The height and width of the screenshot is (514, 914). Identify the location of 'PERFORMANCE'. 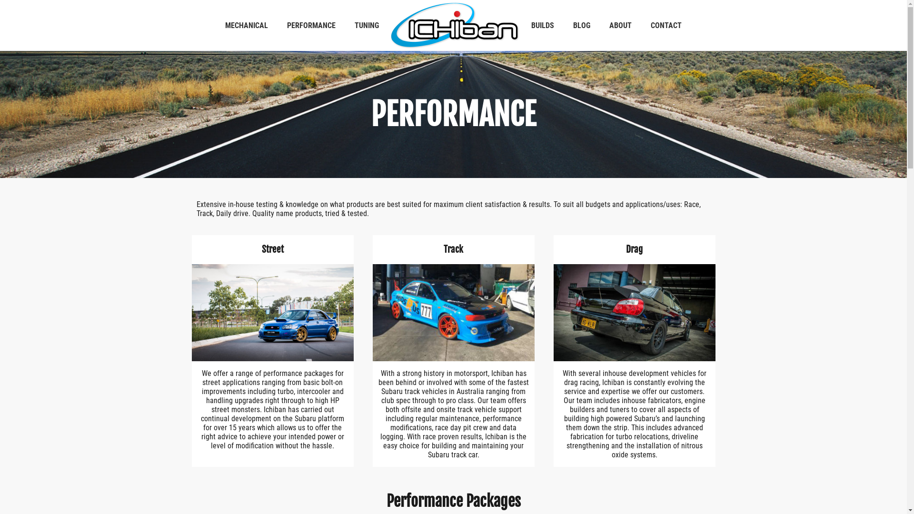
(311, 25).